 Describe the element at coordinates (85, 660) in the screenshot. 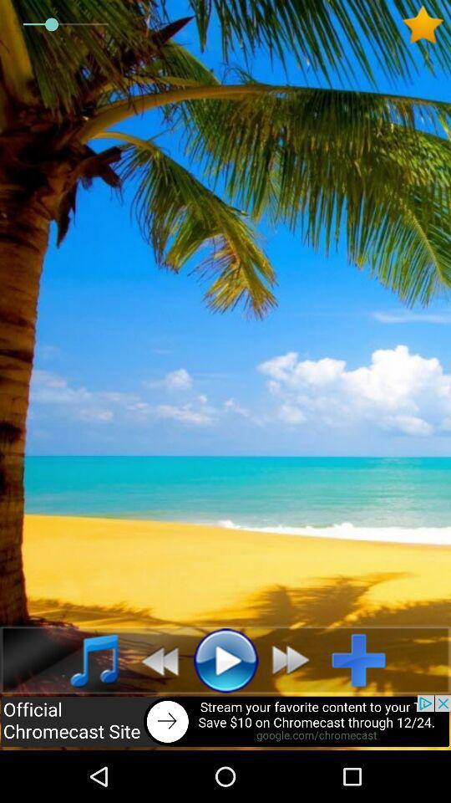

I see `the music icon` at that location.